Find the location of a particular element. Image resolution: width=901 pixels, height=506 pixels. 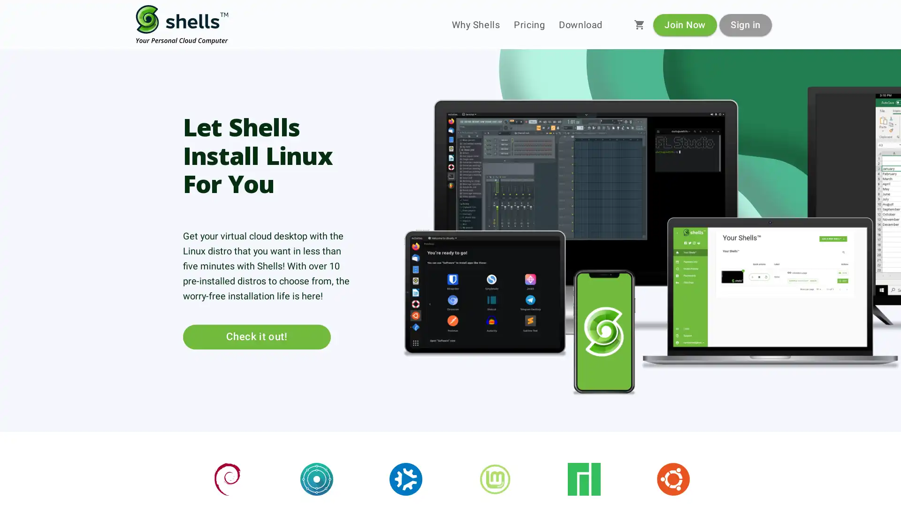

Sign in is located at coordinates (745, 24).